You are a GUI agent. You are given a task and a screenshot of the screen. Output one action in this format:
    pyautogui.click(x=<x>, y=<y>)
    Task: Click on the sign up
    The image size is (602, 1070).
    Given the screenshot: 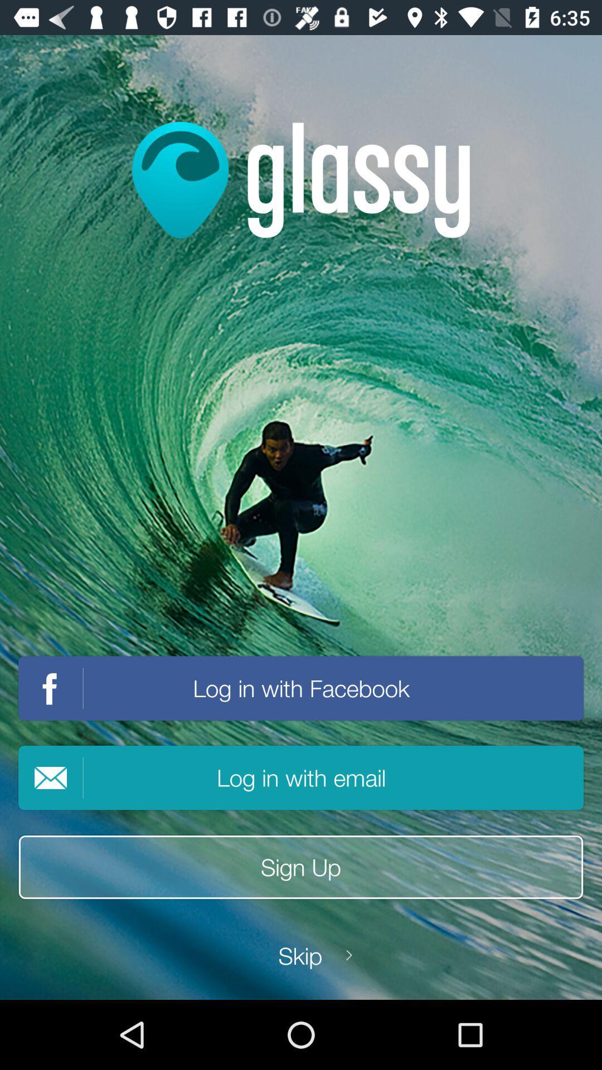 What is the action you would take?
    pyautogui.click(x=301, y=867)
    